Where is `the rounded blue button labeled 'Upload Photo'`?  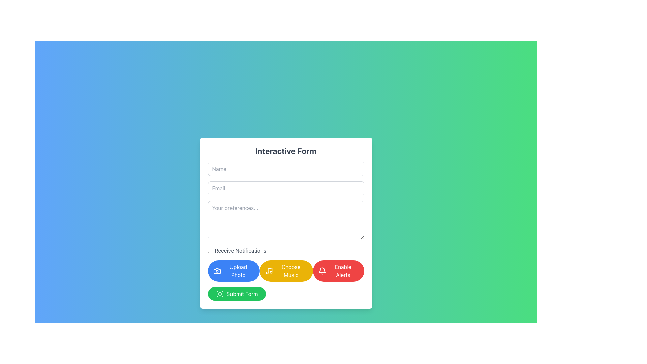 the rounded blue button labeled 'Upload Photo' is located at coordinates (234, 270).